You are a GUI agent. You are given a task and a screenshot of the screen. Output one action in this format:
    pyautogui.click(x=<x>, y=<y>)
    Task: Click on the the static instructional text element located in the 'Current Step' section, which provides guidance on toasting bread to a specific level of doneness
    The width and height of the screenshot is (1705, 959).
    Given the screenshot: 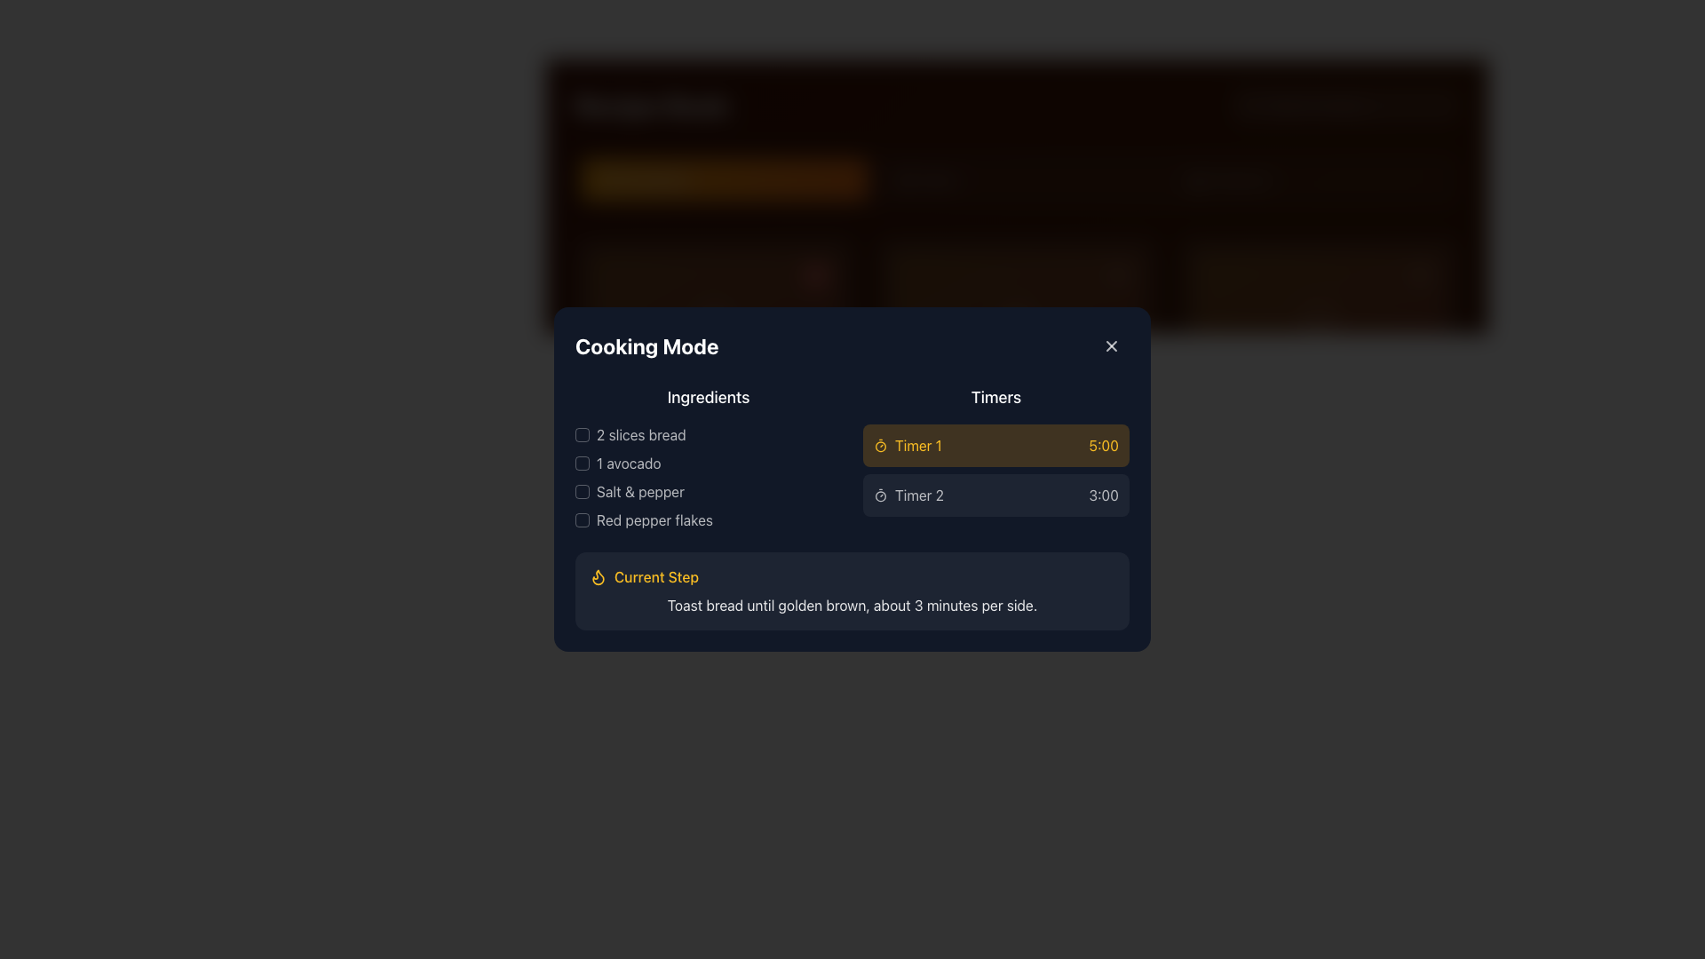 What is the action you would take?
    pyautogui.click(x=852, y=605)
    